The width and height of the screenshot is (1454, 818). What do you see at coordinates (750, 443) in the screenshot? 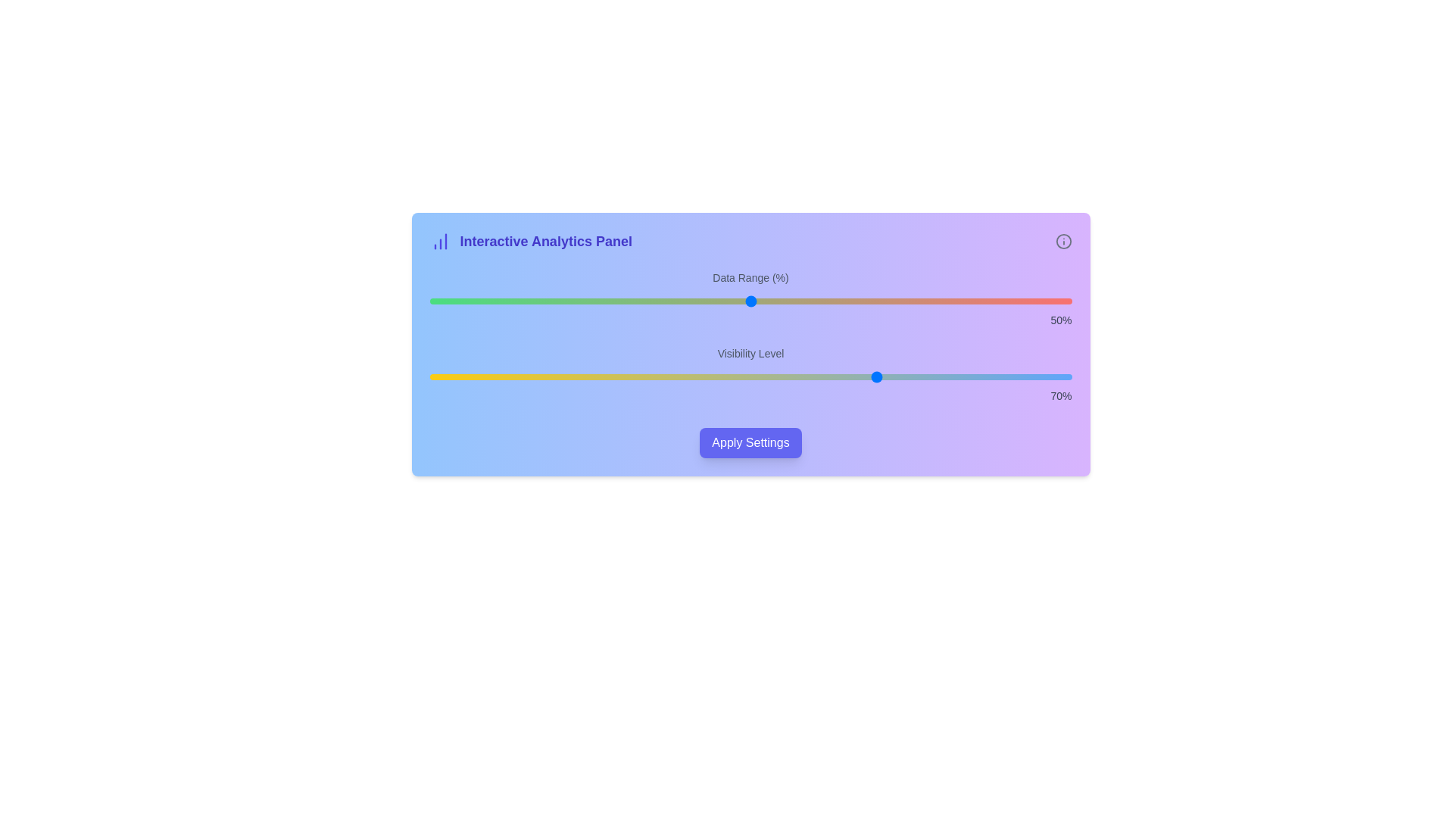
I see `'Apply Settings' button to apply the current settings` at bounding box center [750, 443].